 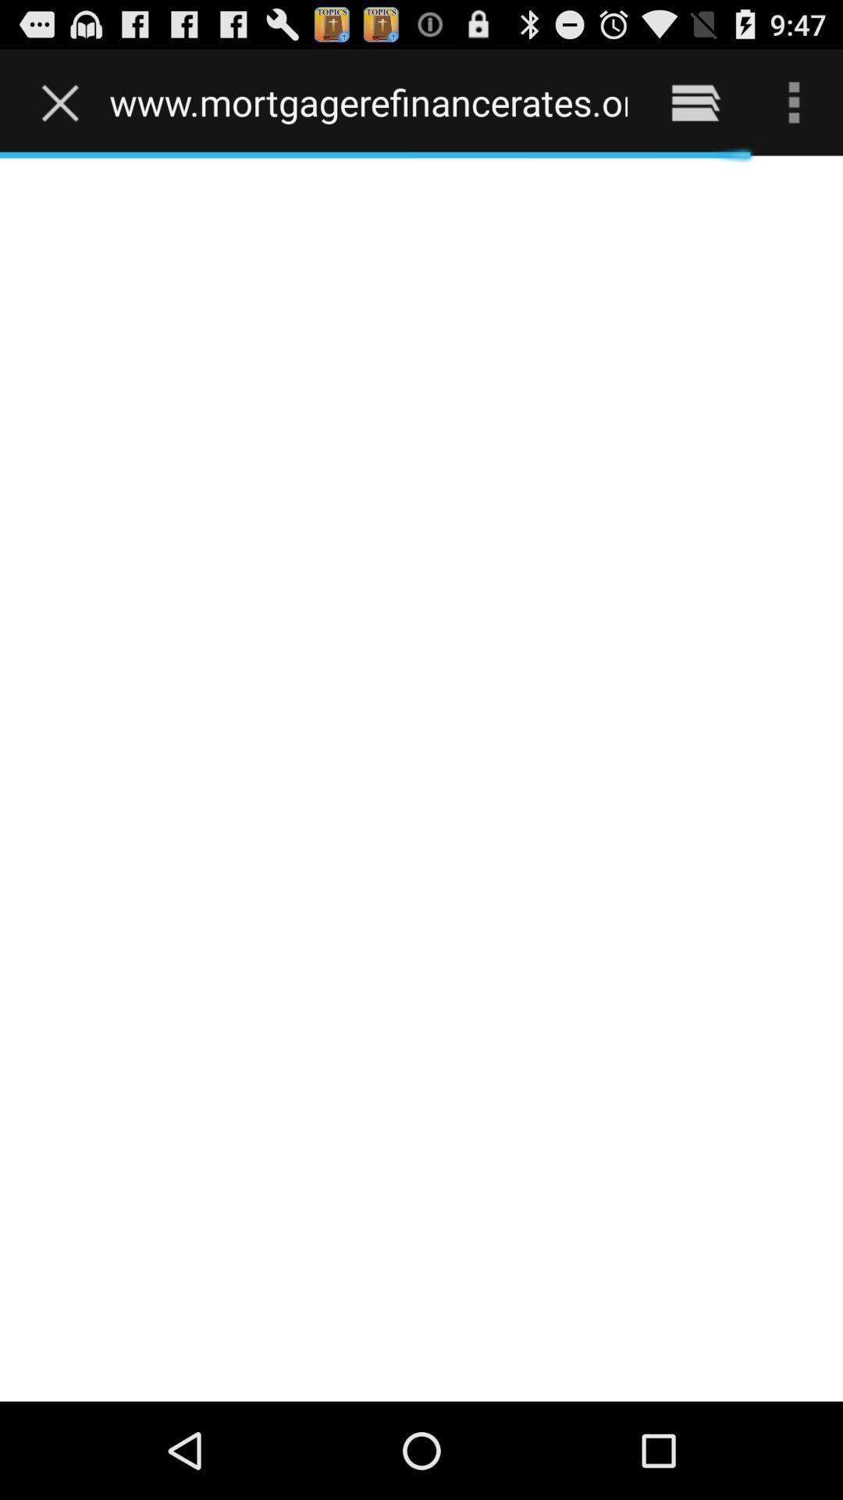 What do you see at coordinates (695, 102) in the screenshot?
I see `item to the right of the www mortgagerefinancerates org item` at bounding box center [695, 102].